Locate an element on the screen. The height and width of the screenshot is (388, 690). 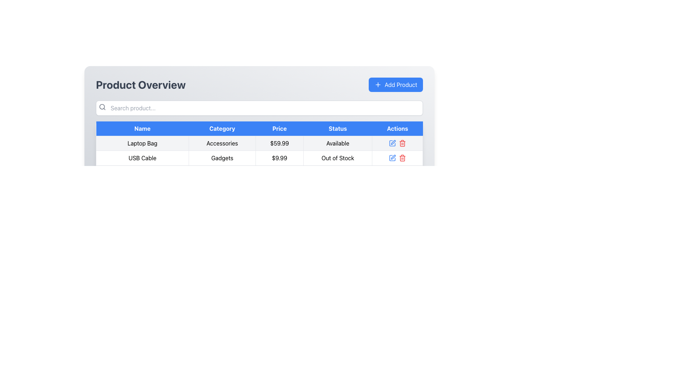
the circular part of the SVG search icon located at the left side of the search bar, positioned at the specified coordinates is located at coordinates (102, 107).